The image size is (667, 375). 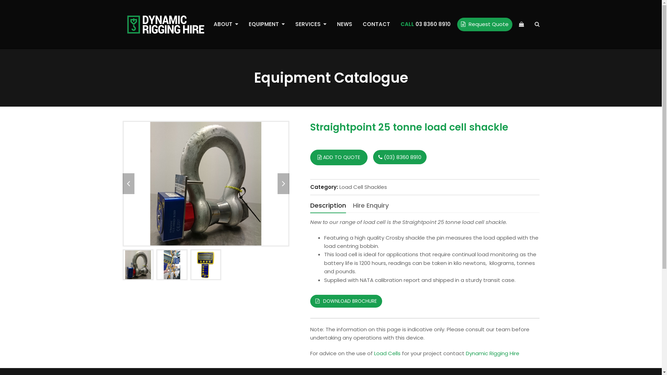 What do you see at coordinates (338, 157) in the screenshot?
I see `'ADD TO QUOTE'` at bounding box center [338, 157].